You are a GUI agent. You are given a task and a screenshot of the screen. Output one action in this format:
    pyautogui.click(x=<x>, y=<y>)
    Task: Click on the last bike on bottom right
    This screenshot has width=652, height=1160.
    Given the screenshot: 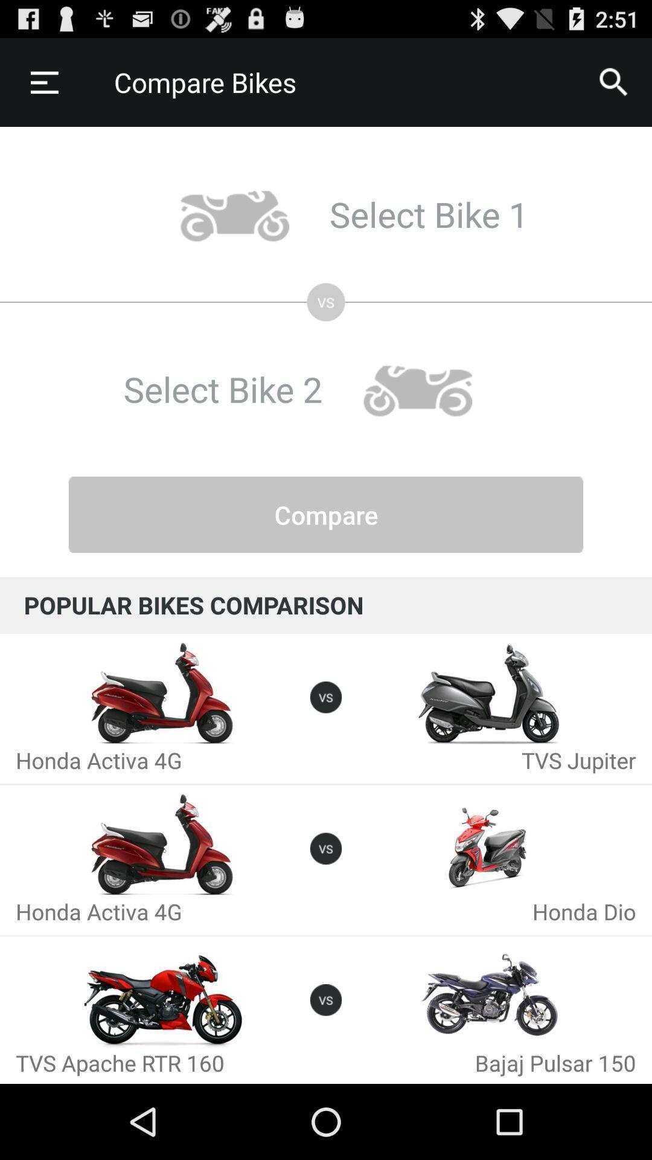 What is the action you would take?
    pyautogui.click(x=489, y=996)
    